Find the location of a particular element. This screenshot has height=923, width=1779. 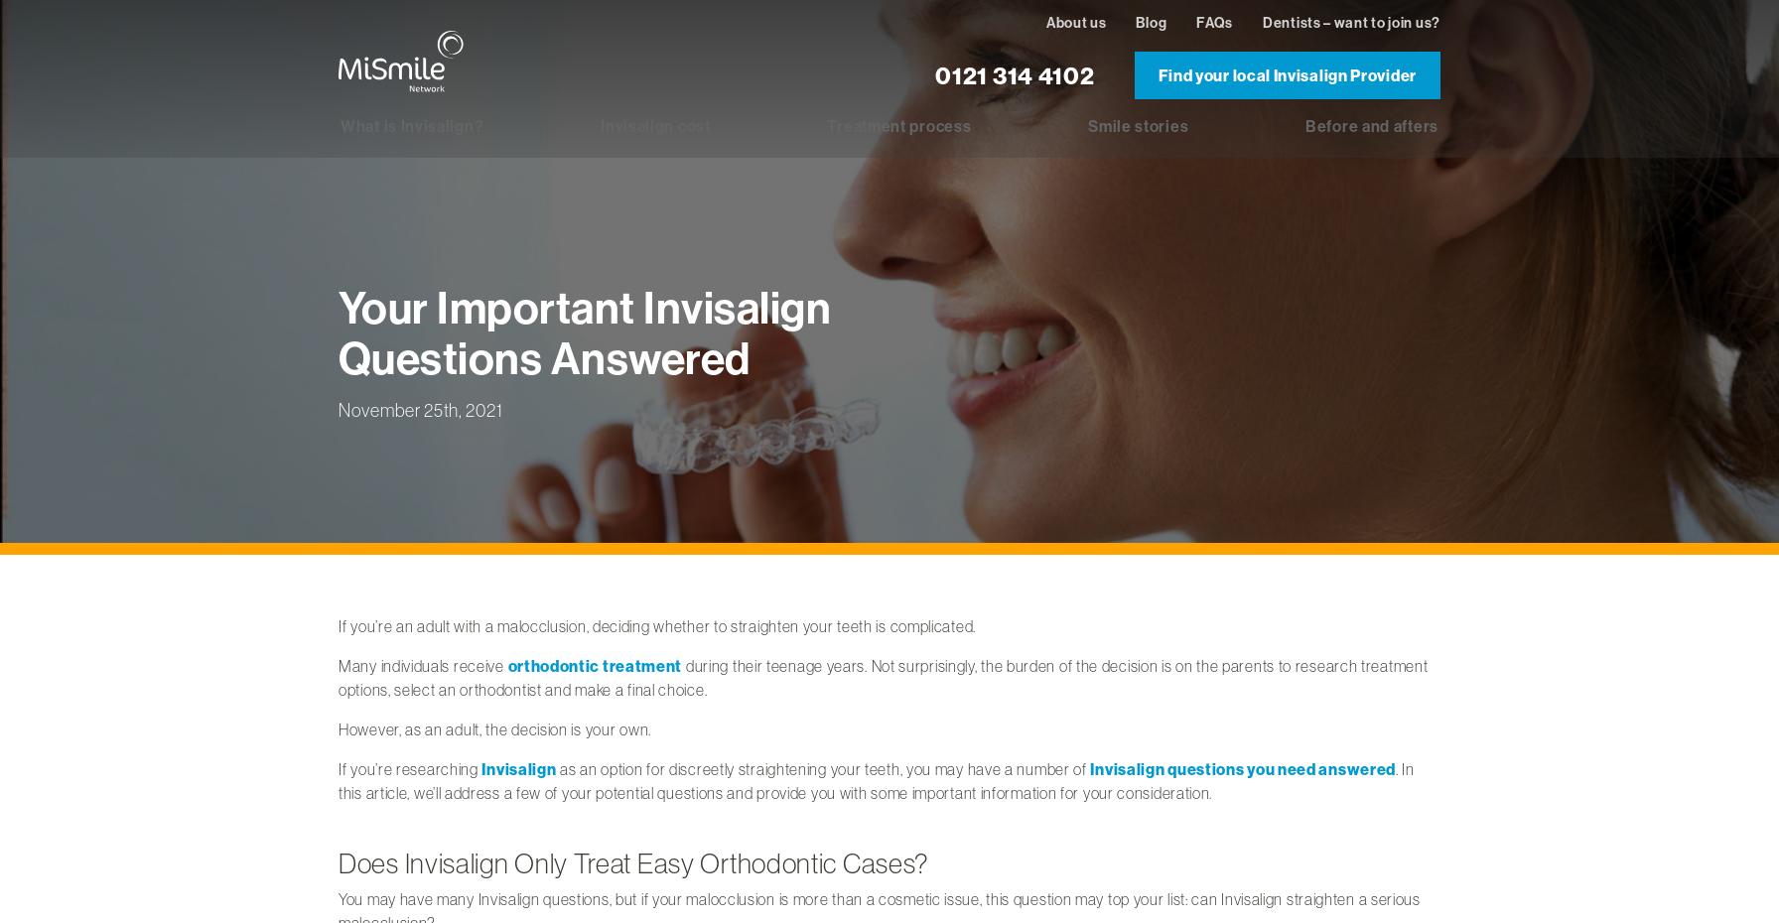

'0121 314 4102' is located at coordinates (935, 72).